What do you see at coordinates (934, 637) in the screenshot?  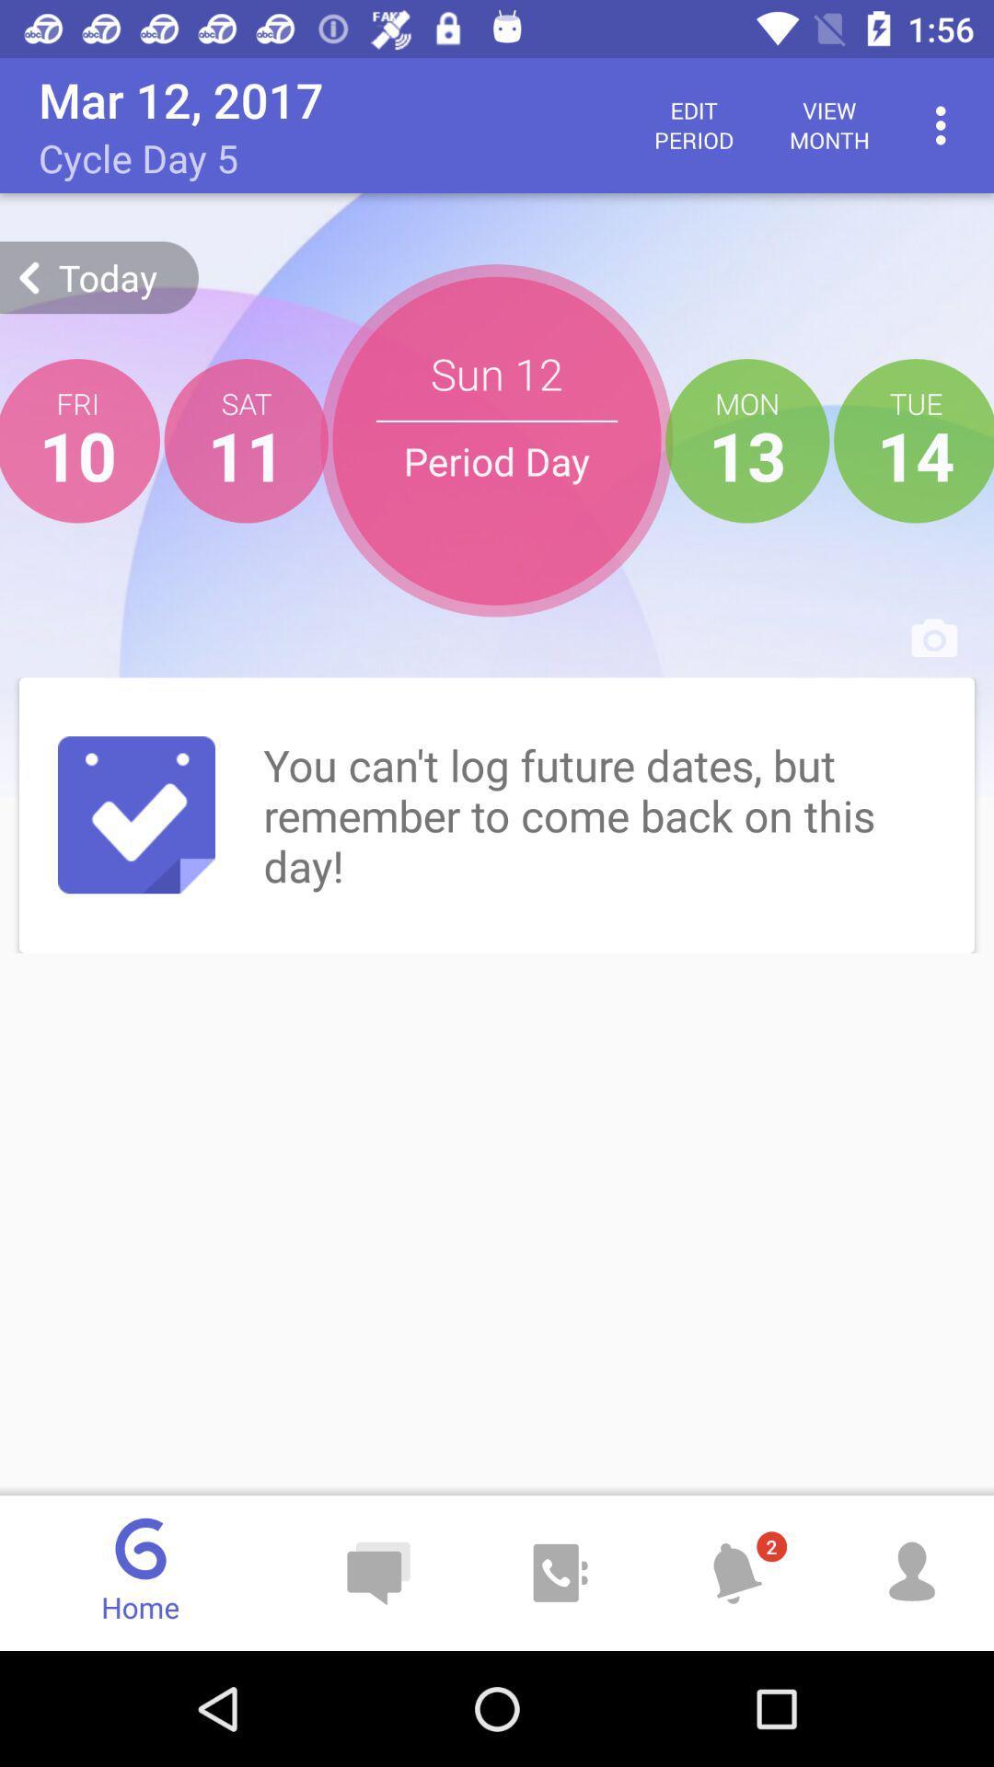 I see `camera` at bounding box center [934, 637].